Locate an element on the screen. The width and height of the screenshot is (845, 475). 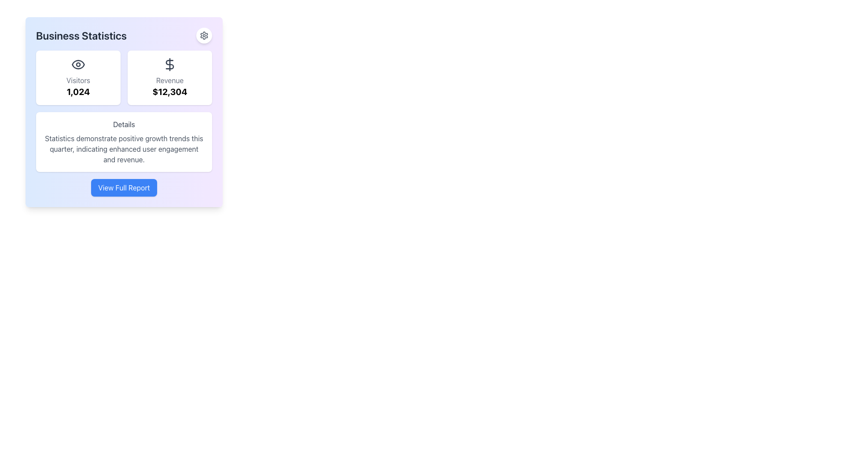
the gear-like icon located in the top-right corner of the 'Business Statistics' card is located at coordinates (204, 35).